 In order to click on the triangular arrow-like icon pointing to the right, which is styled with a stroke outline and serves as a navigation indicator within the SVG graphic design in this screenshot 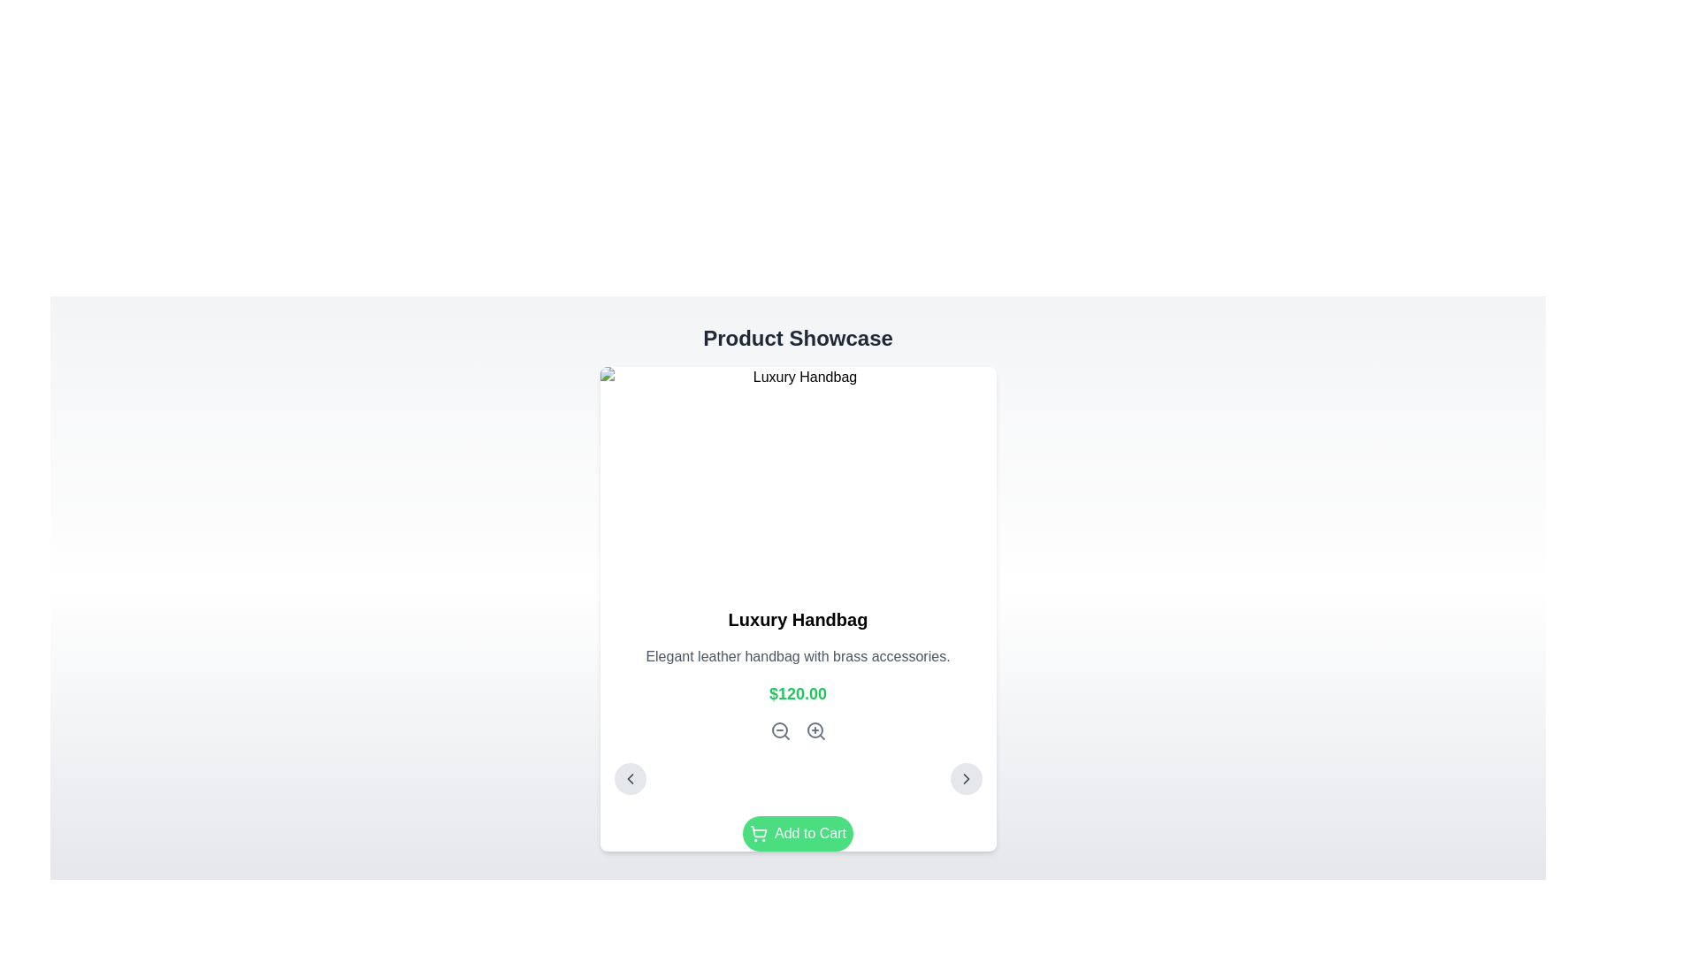, I will do `click(965, 777)`.